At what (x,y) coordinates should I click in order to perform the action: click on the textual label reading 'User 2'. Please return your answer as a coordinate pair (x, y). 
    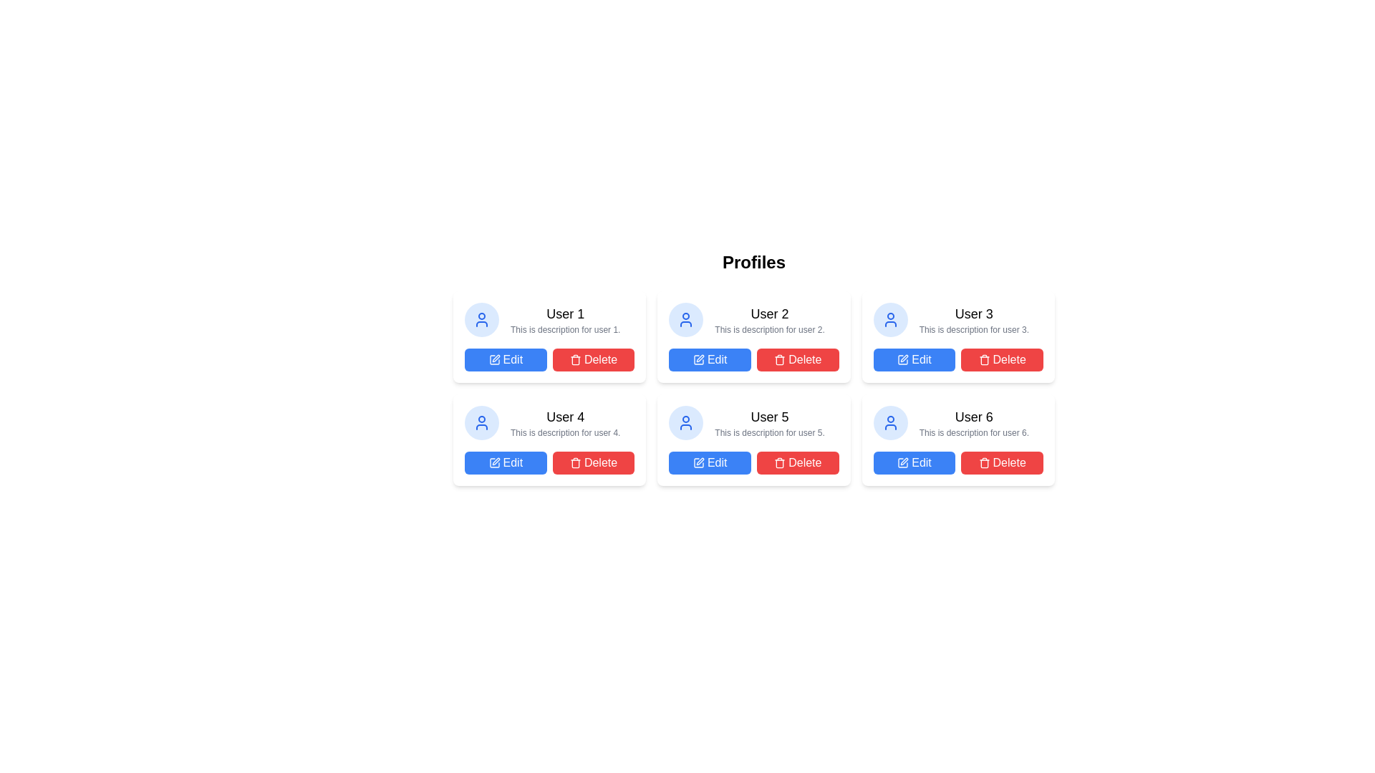
    Looking at the image, I should click on (769, 313).